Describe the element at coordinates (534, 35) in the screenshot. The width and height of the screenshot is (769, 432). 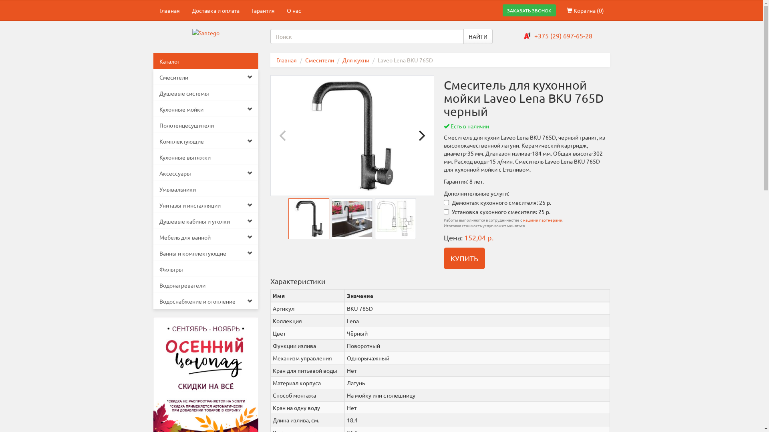
I see `'+375 (29) 697-65-28'` at that location.